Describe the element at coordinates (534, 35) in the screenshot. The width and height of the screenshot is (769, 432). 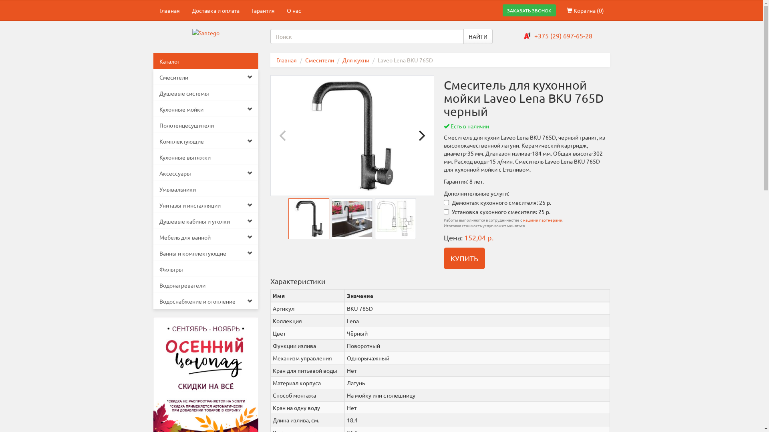
I see `'+375 (29) 697-65-28'` at that location.